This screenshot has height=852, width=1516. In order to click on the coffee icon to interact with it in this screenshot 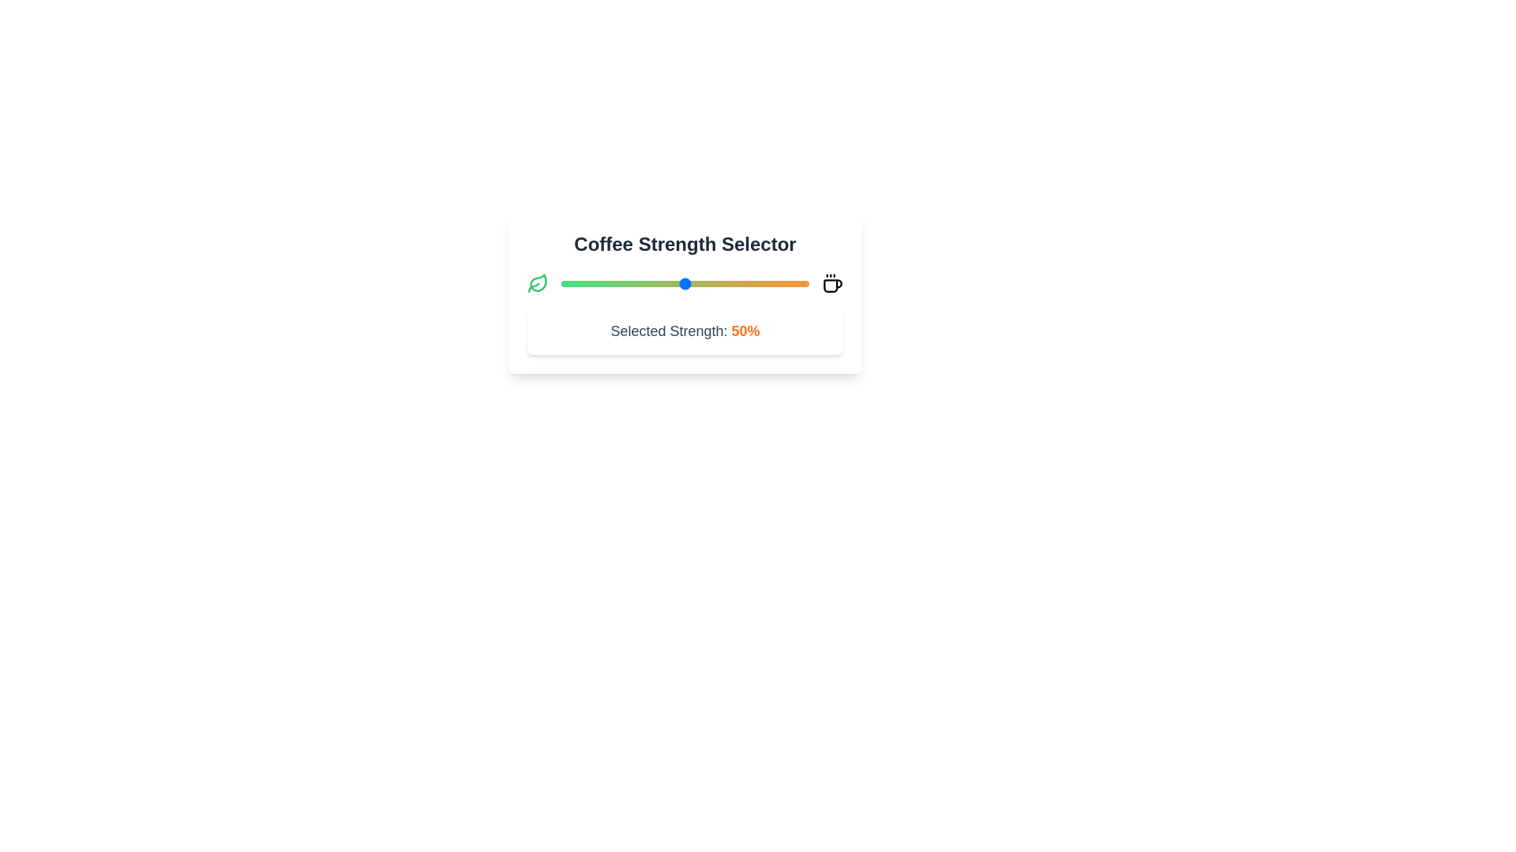, I will do `click(831, 282)`.